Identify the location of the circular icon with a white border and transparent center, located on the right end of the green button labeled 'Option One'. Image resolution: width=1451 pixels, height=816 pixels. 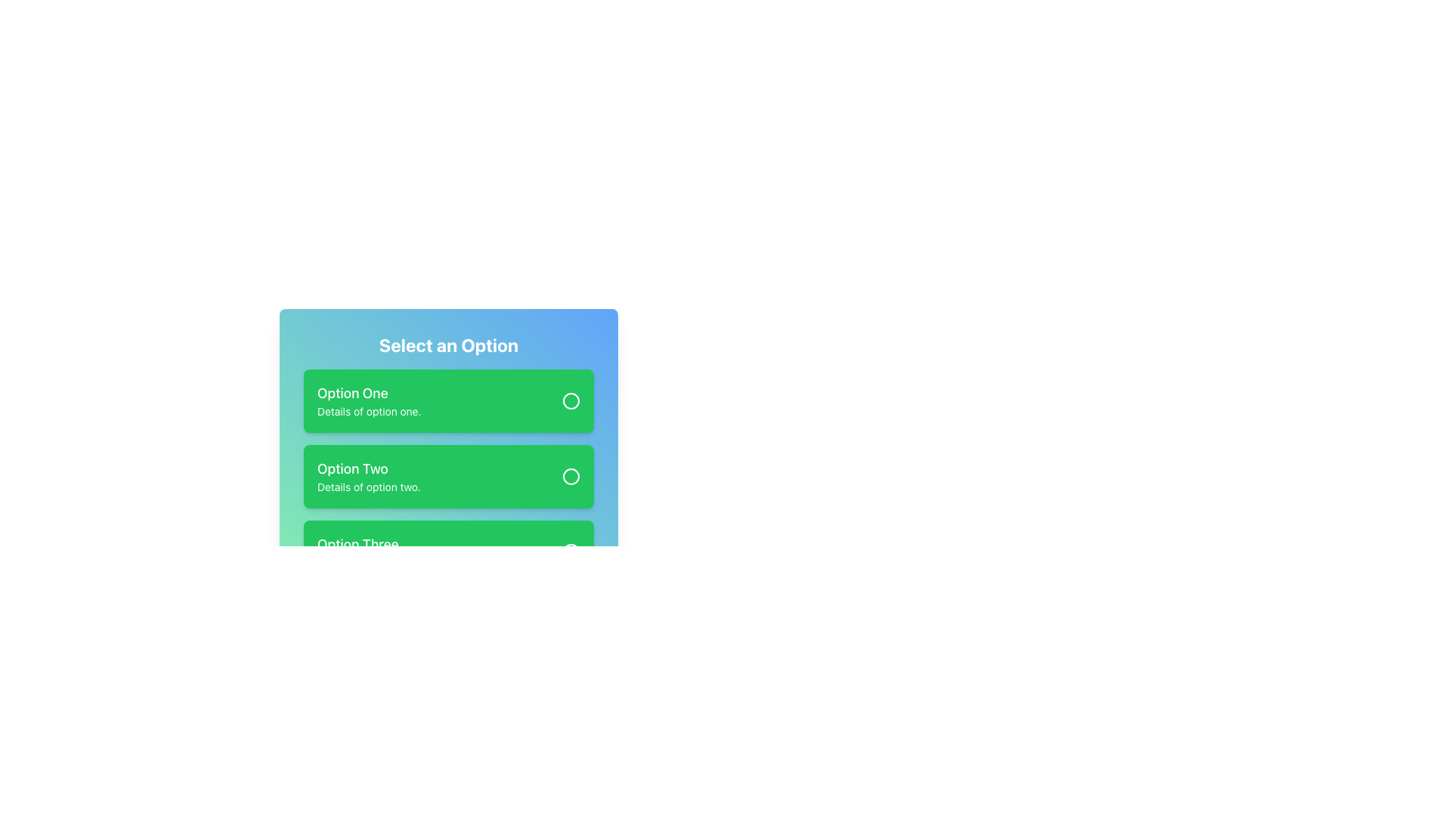
(570, 400).